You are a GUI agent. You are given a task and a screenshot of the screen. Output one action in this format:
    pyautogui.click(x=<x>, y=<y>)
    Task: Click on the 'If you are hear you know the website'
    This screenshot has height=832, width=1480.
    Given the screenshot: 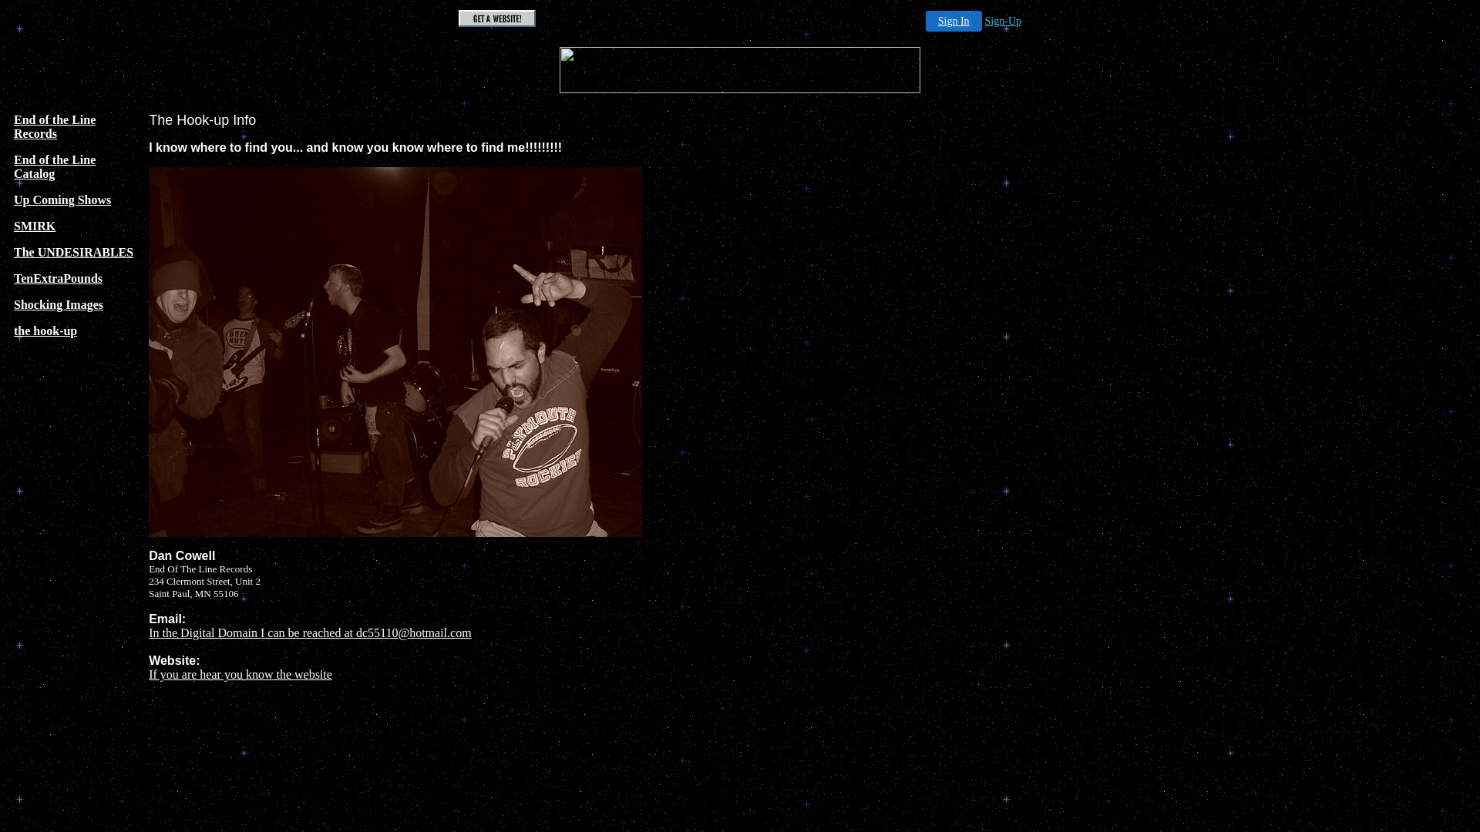 What is the action you would take?
    pyautogui.click(x=240, y=673)
    